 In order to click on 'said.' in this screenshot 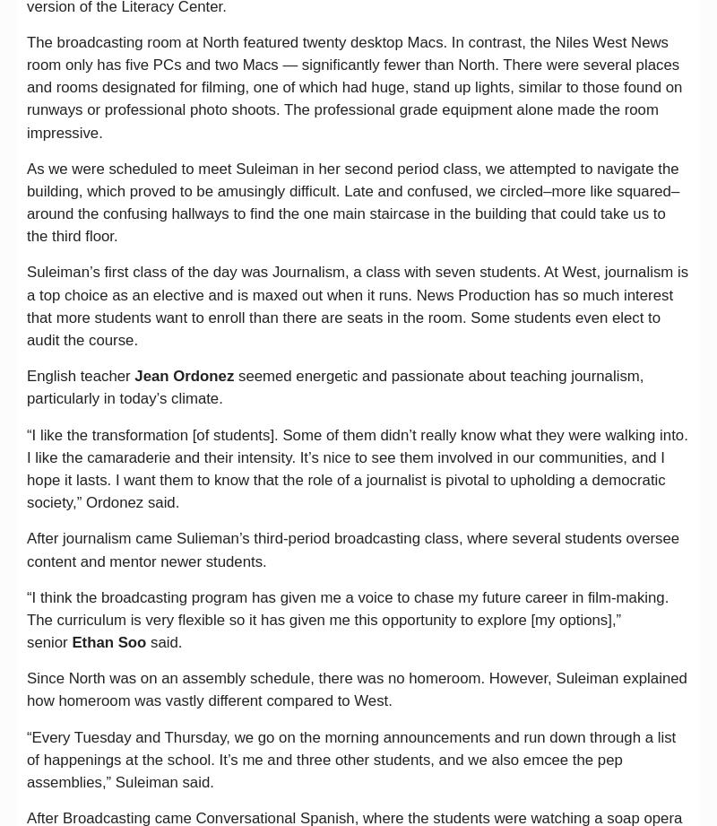, I will do `click(165, 642)`.